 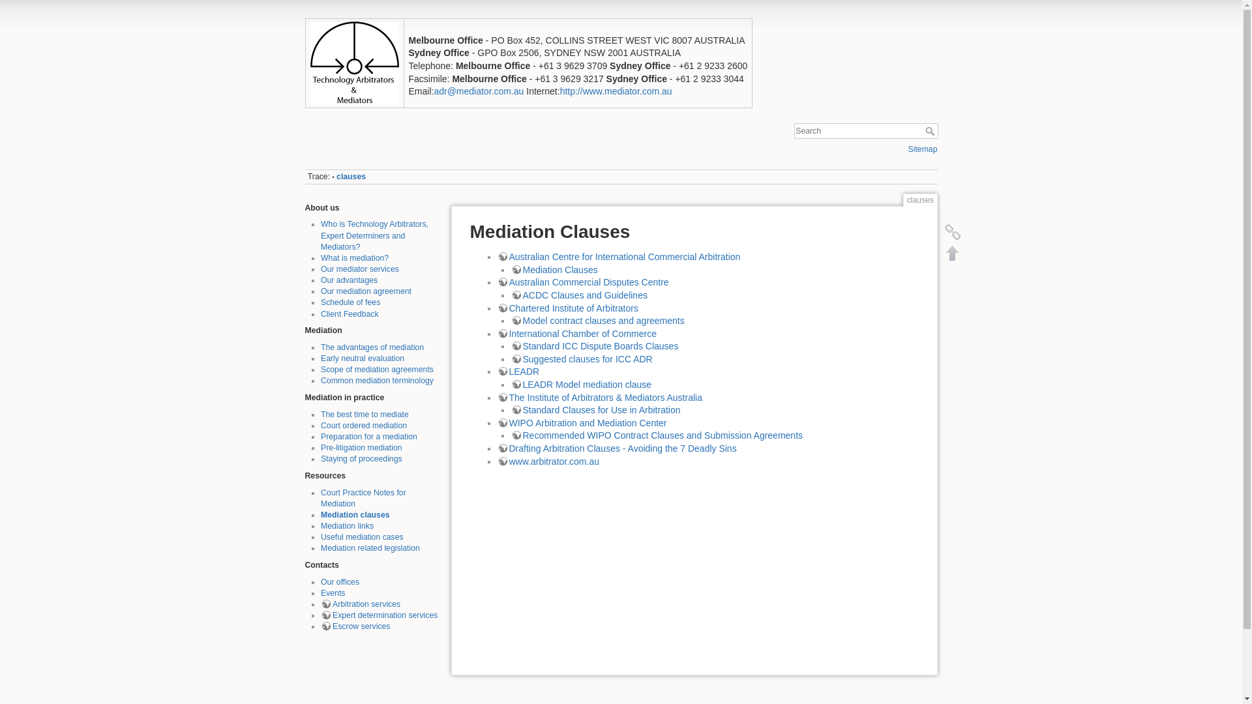 I want to click on 'www.arbitrator.com.au', so click(x=548, y=461).